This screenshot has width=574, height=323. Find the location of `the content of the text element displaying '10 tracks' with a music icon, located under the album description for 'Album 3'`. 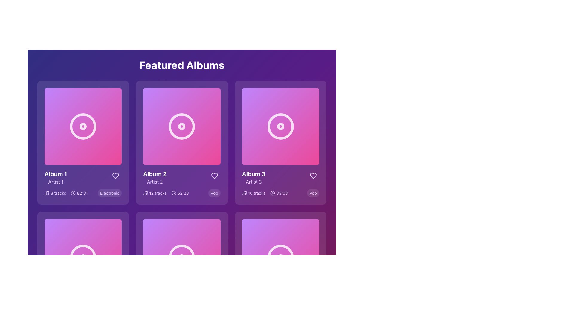

the content of the text element displaying '10 tracks' with a music icon, located under the album description for 'Album 3' is located at coordinates (265, 193).